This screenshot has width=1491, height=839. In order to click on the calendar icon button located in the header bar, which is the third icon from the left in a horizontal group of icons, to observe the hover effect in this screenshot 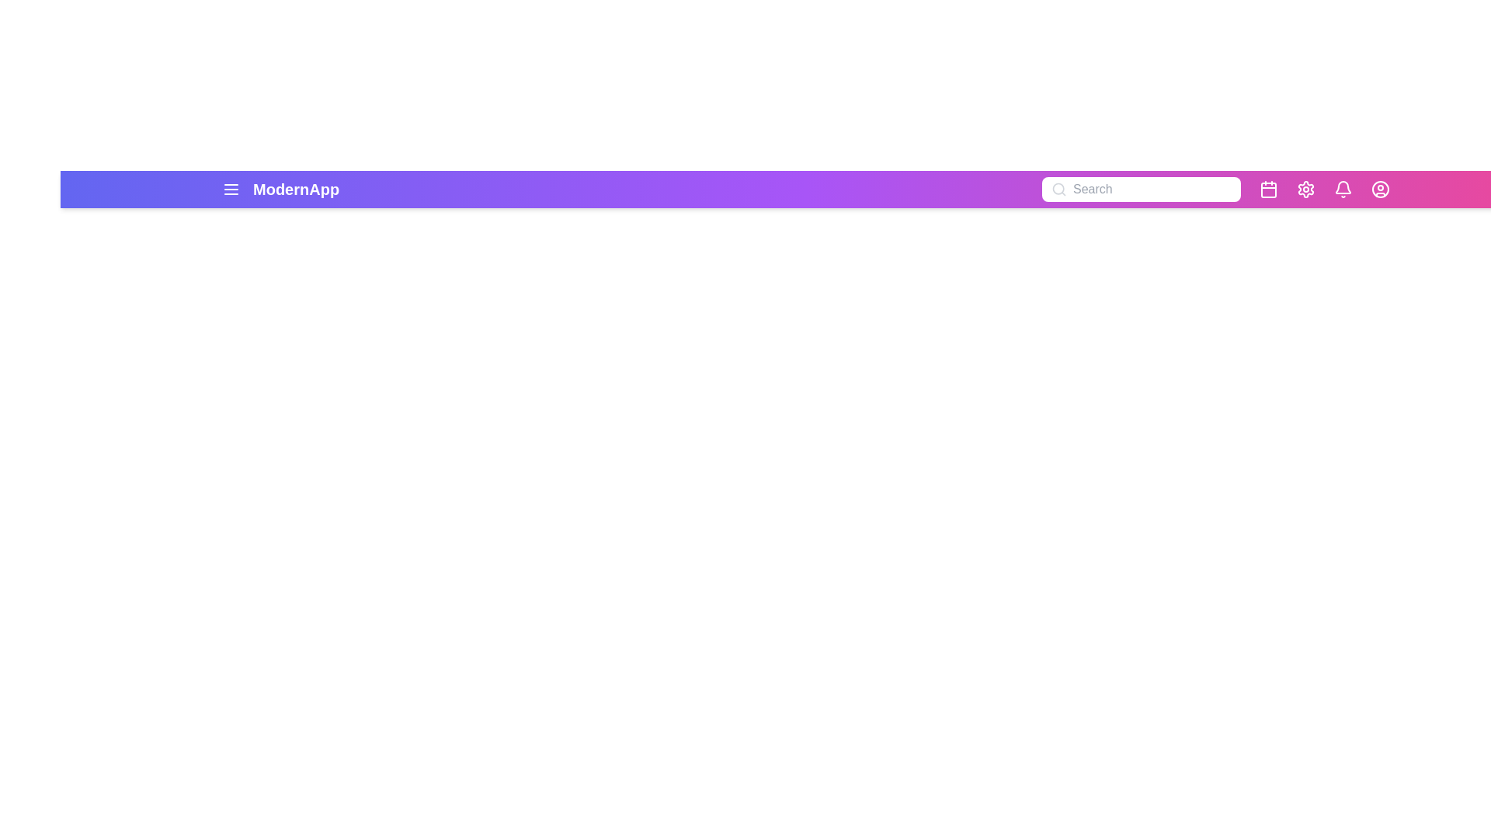, I will do `click(1268, 188)`.